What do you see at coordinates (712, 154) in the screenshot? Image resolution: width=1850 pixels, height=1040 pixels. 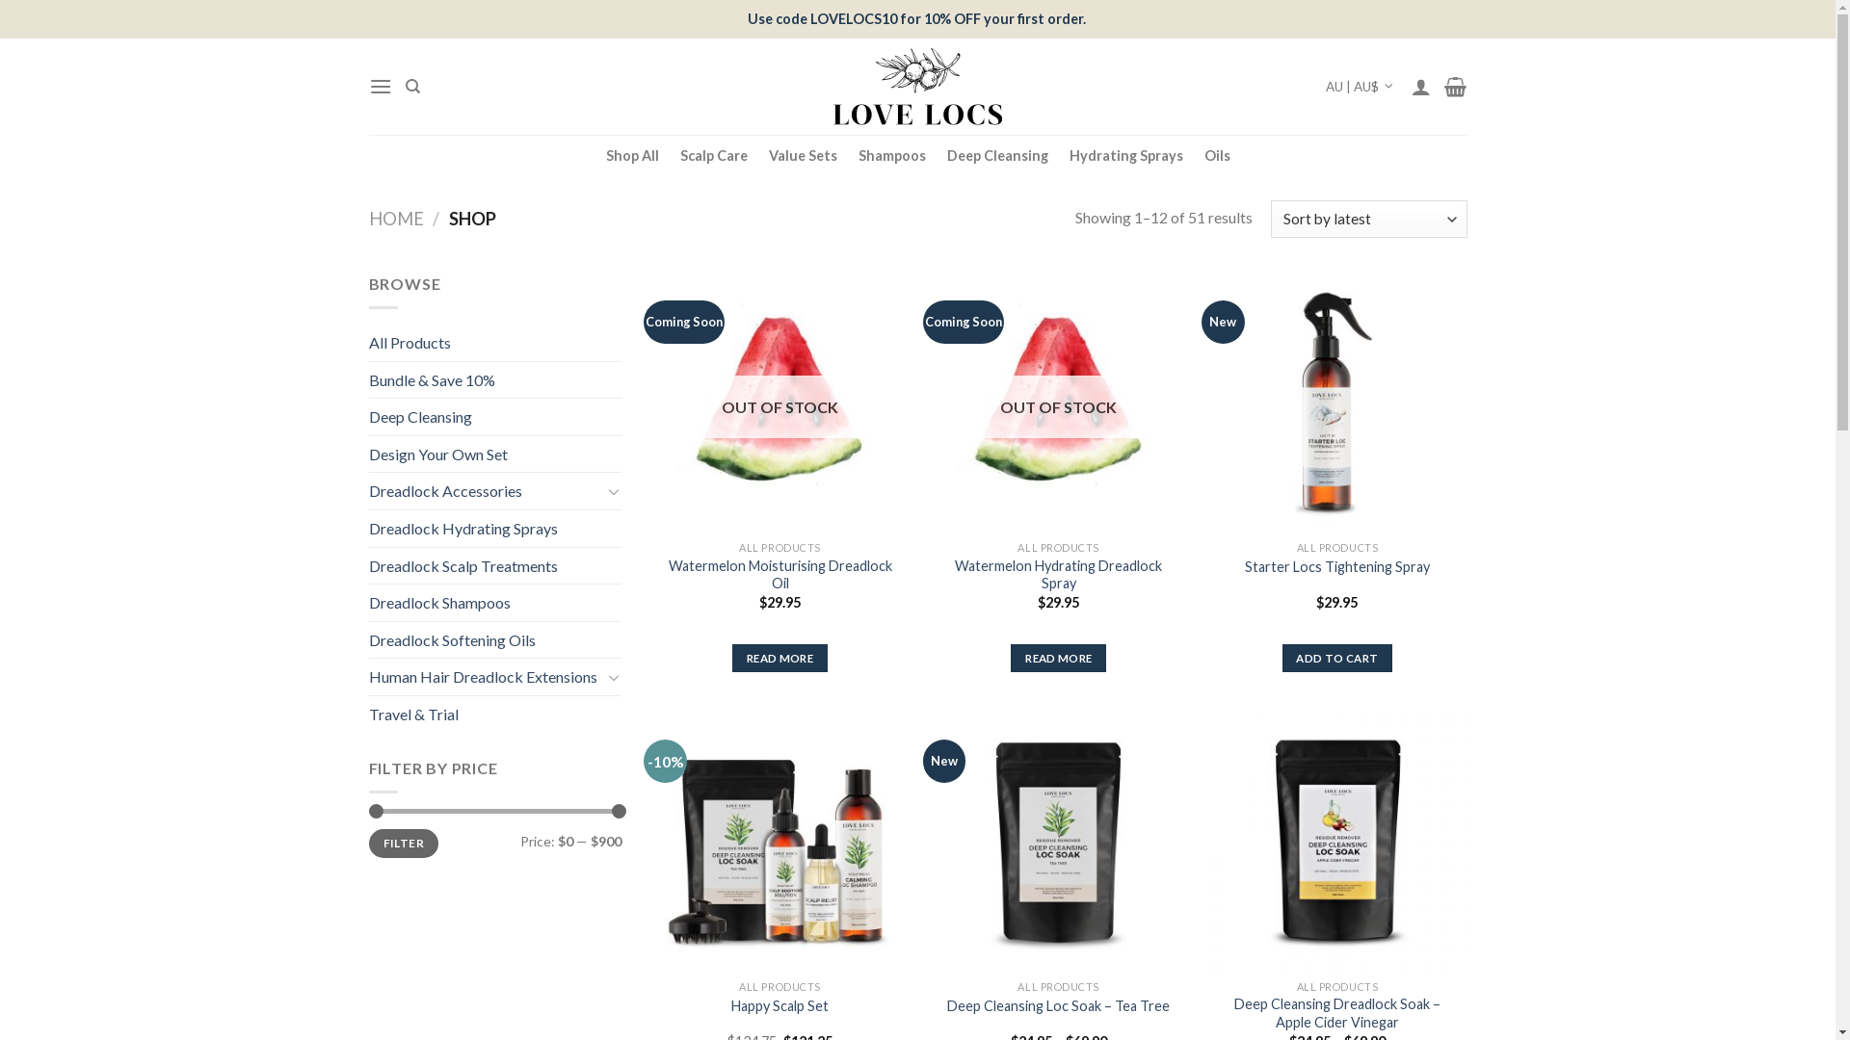 I see `'Scalp Care'` at bounding box center [712, 154].